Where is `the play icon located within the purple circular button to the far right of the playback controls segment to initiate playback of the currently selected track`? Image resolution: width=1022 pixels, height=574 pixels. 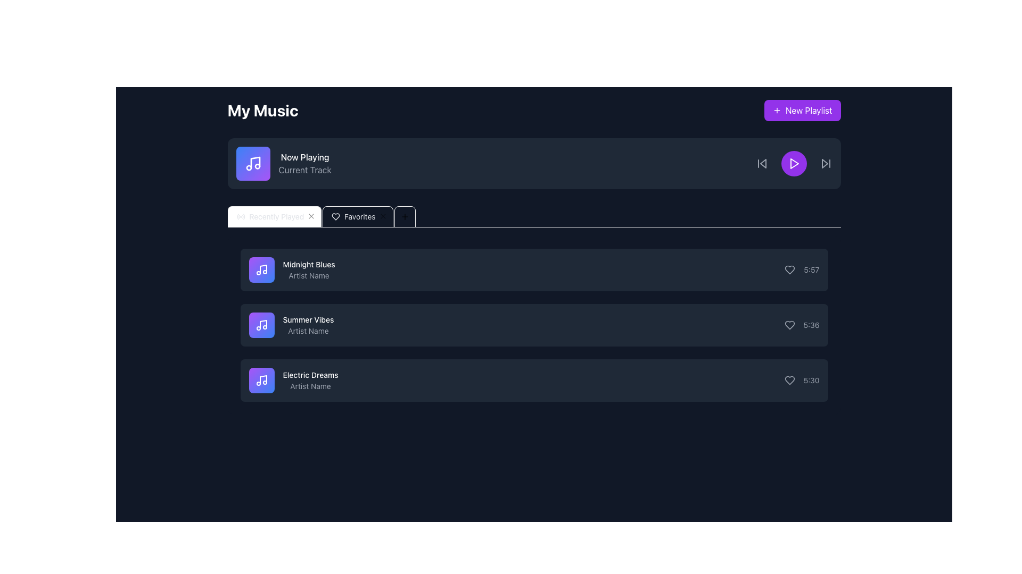
the play icon located within the purple circular button to the far right of the playback controls segment to initiate playback of the currently selected track is located at coordinates (794, 164).